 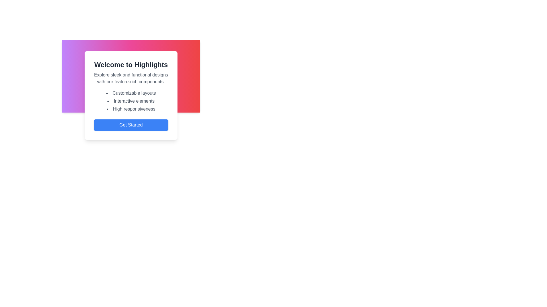 I want to click on the first item in the bullet-point list located on a white card, which is part of the 'Welcome, so click(x=131, y=93).